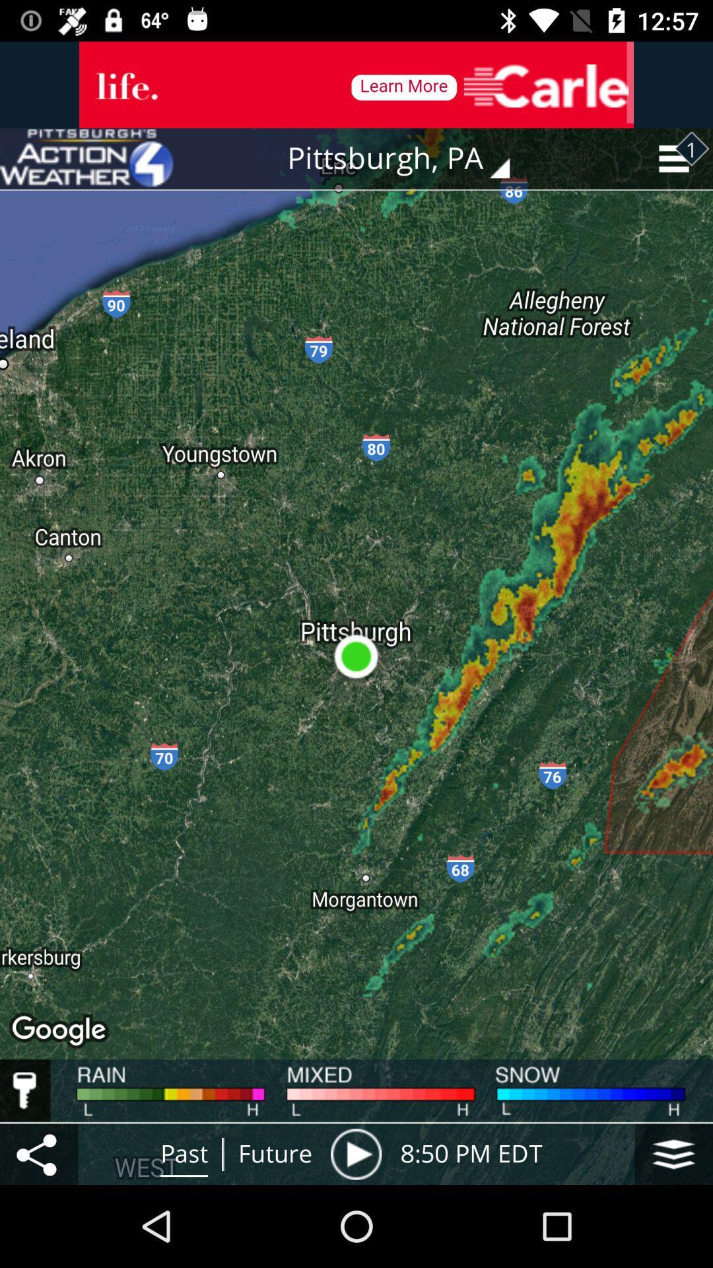 Image resolution: width=713 pixels, height=1268 pixels. I want to click on open menu, so click(673, 1153).